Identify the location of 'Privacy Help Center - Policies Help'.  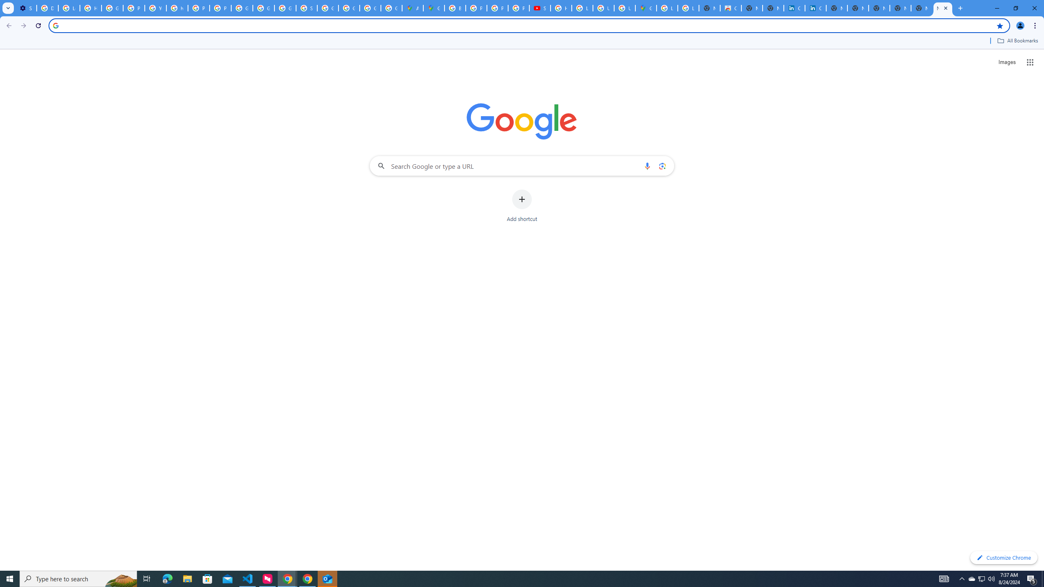
(497, 8).